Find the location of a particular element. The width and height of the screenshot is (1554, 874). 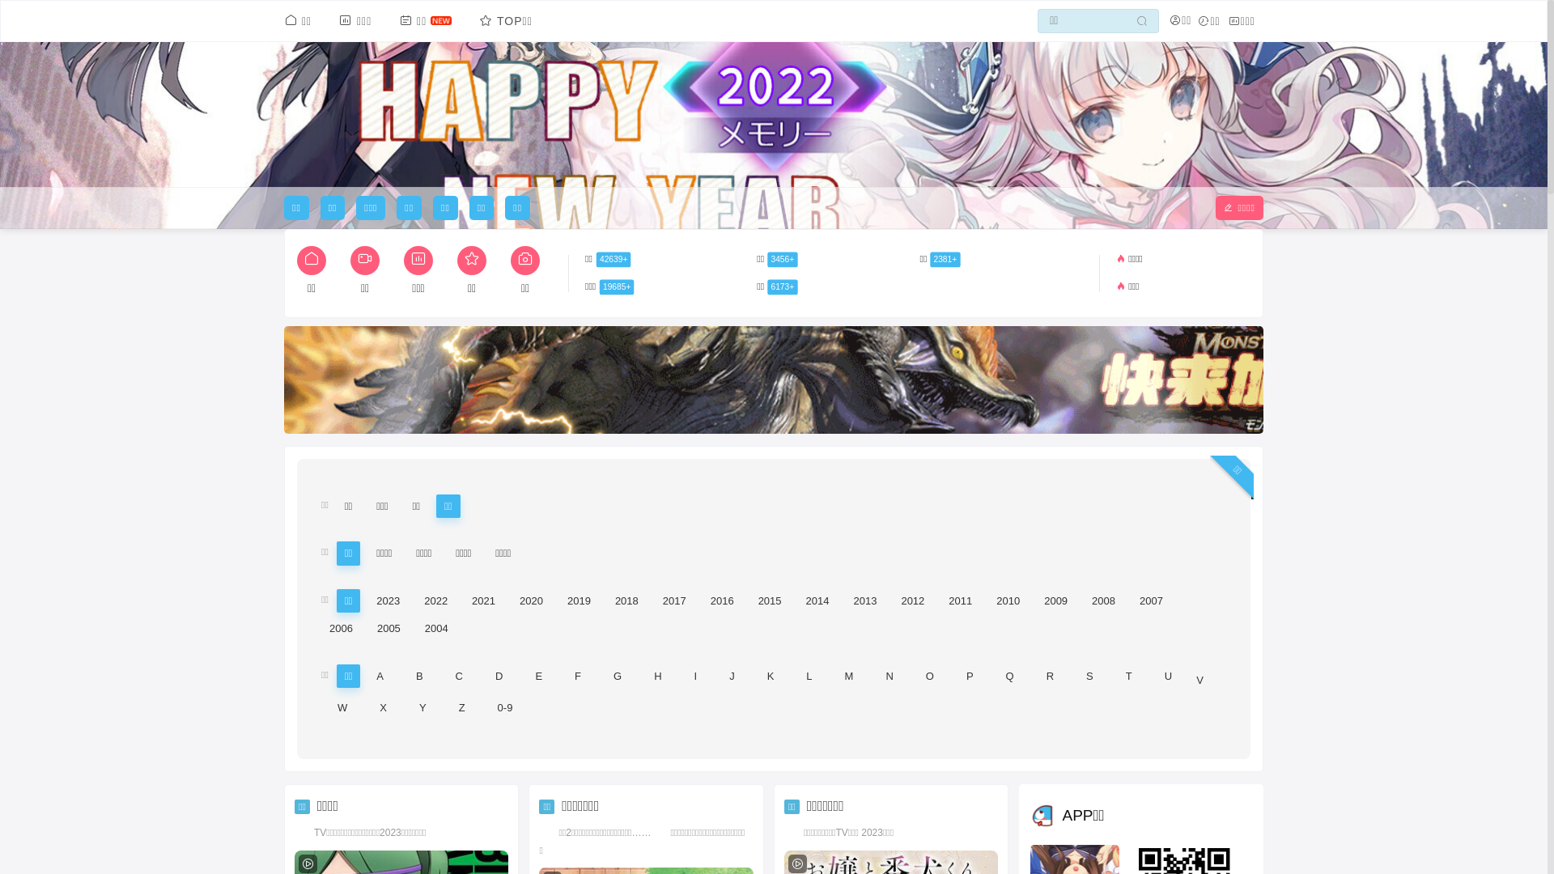

'O' is located at coordinates (929, 676).